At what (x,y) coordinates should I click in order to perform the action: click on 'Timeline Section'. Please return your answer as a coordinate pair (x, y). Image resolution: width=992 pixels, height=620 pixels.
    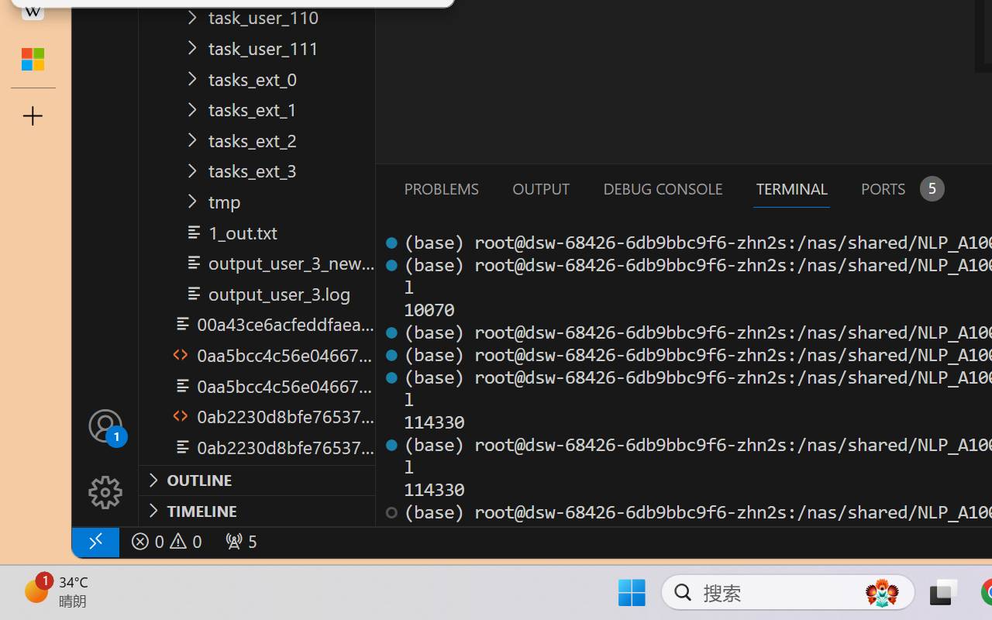
    Looking at the image, I should click on (257, 509).